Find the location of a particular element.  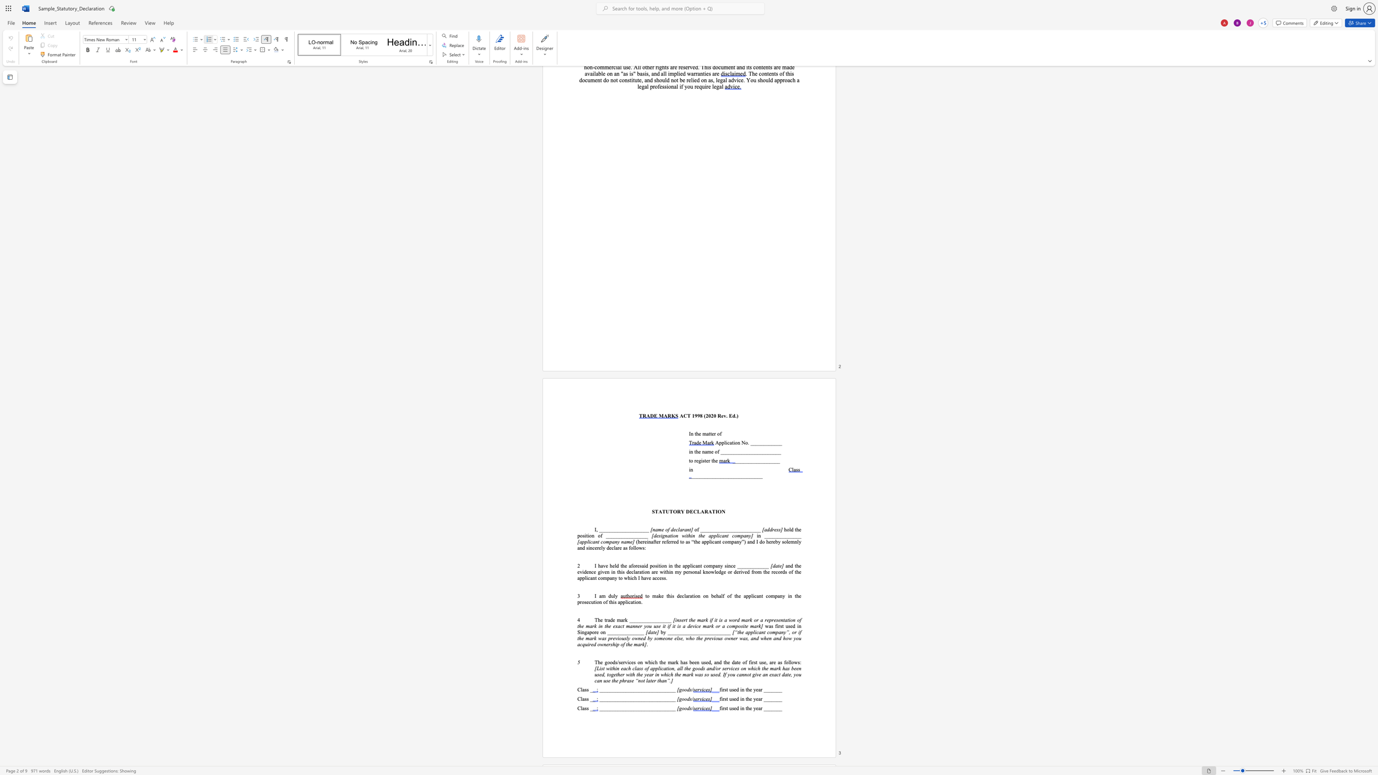

the 1th character "d" in the text is located at coordinates (737, 699).